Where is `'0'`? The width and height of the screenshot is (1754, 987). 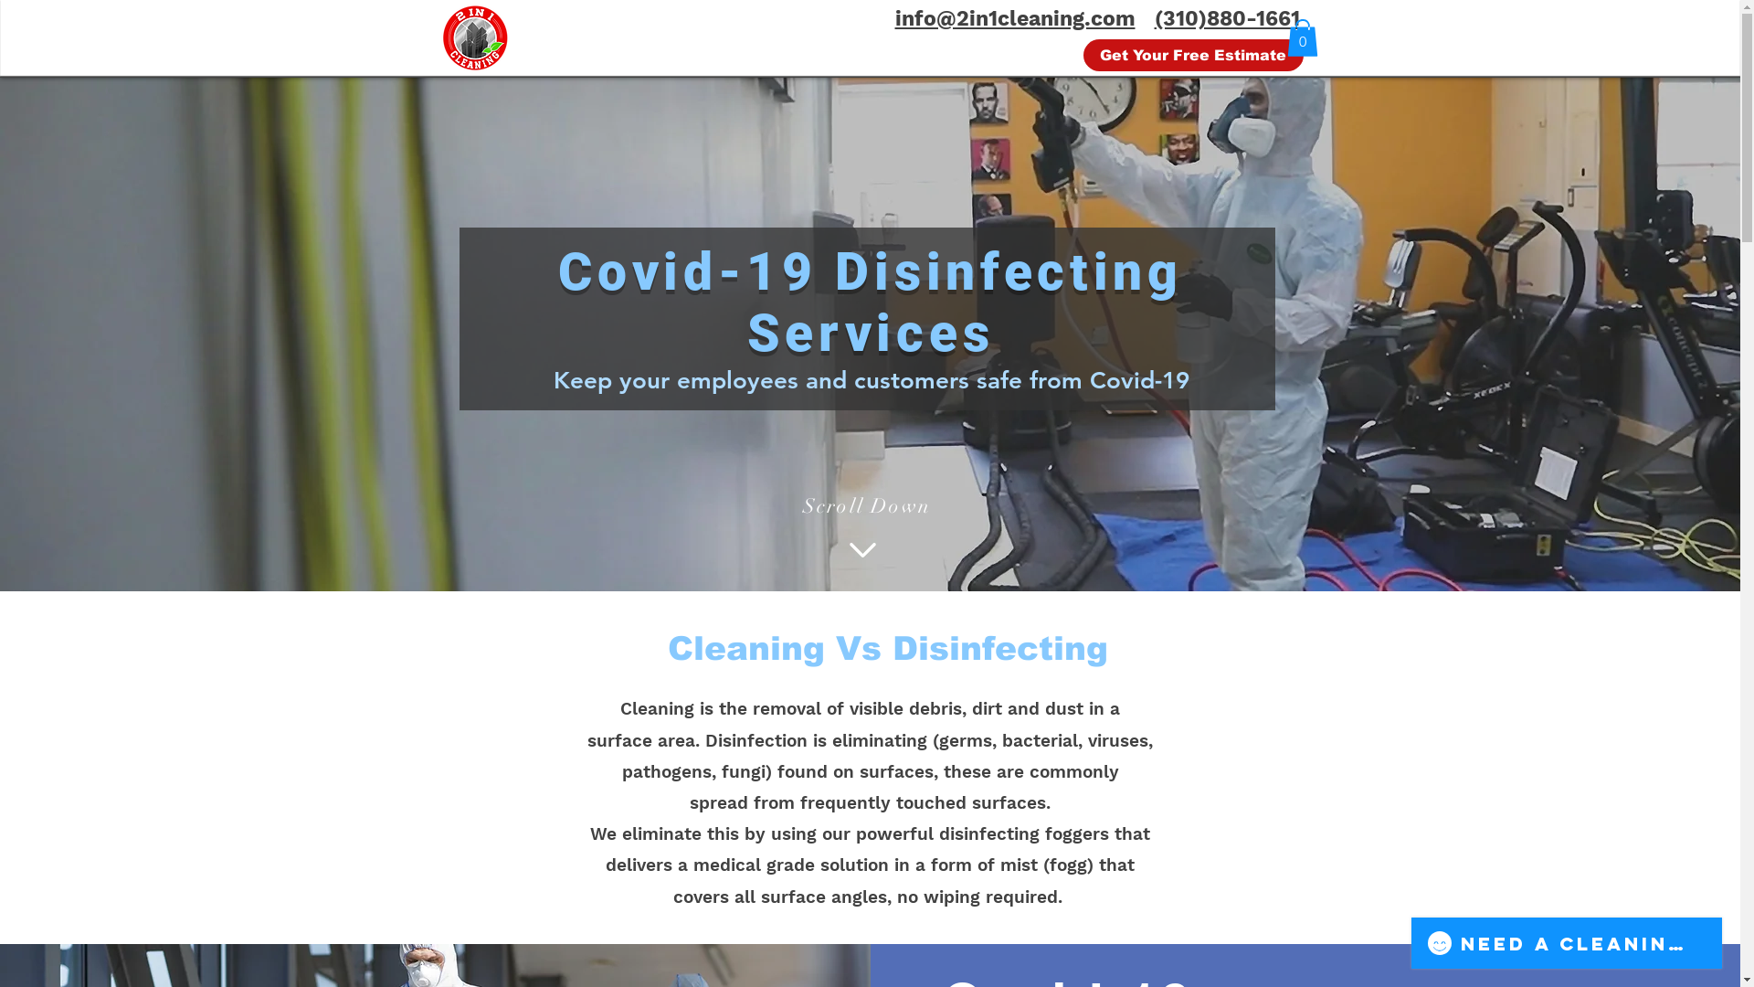 '0' is located at coordinates (1284, 37).